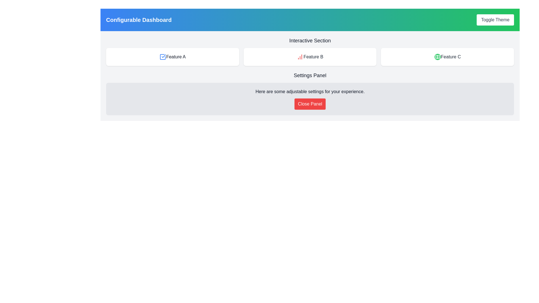  Describe the element at coordinates (310, 57) in the screenshot. I see `the Panel labeled 'Feature B' which has a white background, rounded edges, and contains a red chart icon` at that location.